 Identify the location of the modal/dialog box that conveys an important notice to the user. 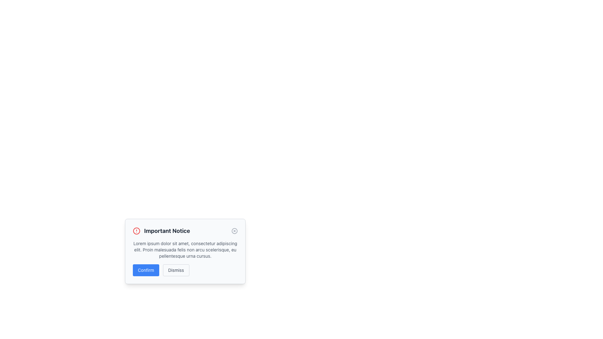
(185, 251).